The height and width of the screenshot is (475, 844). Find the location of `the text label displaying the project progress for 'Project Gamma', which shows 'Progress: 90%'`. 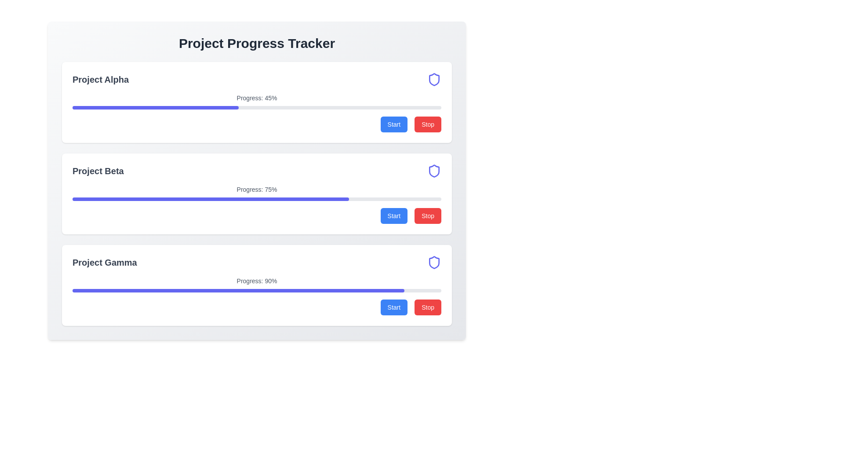

the text label displaying the project progress for 'Project Gamma', which shows 'Progress: 90%' is located at coordinates (256, 281).